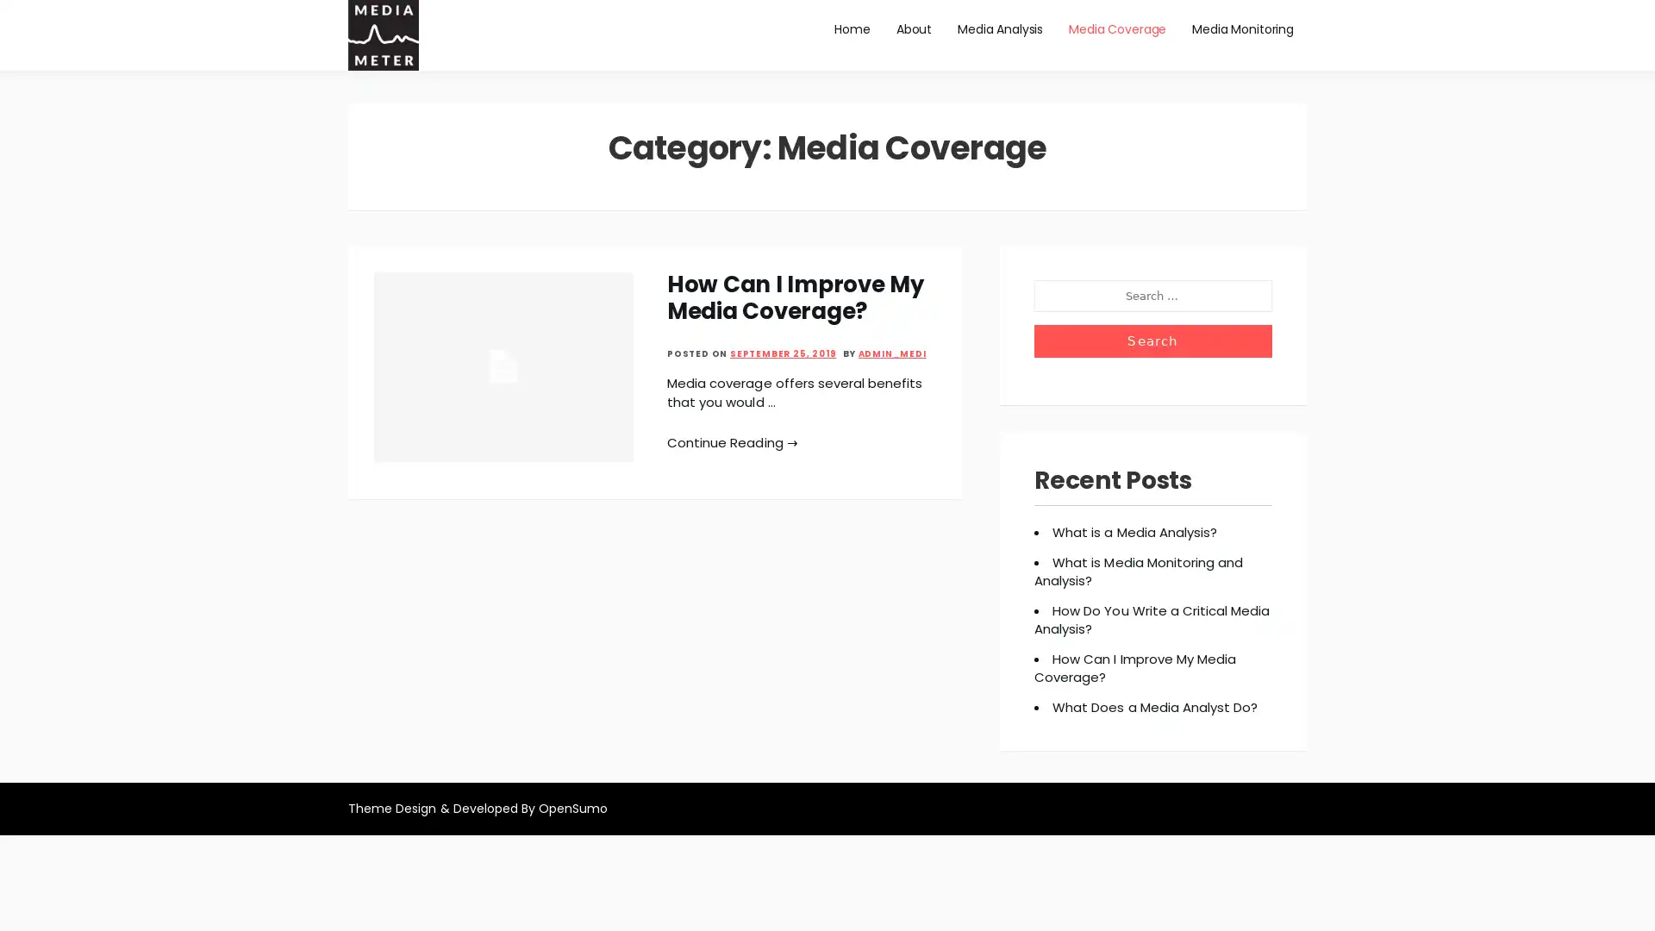 The image size is (1655, 931). Describe the element at coordinates (1152, 341) in the screenshot. I see `Search` at that location.